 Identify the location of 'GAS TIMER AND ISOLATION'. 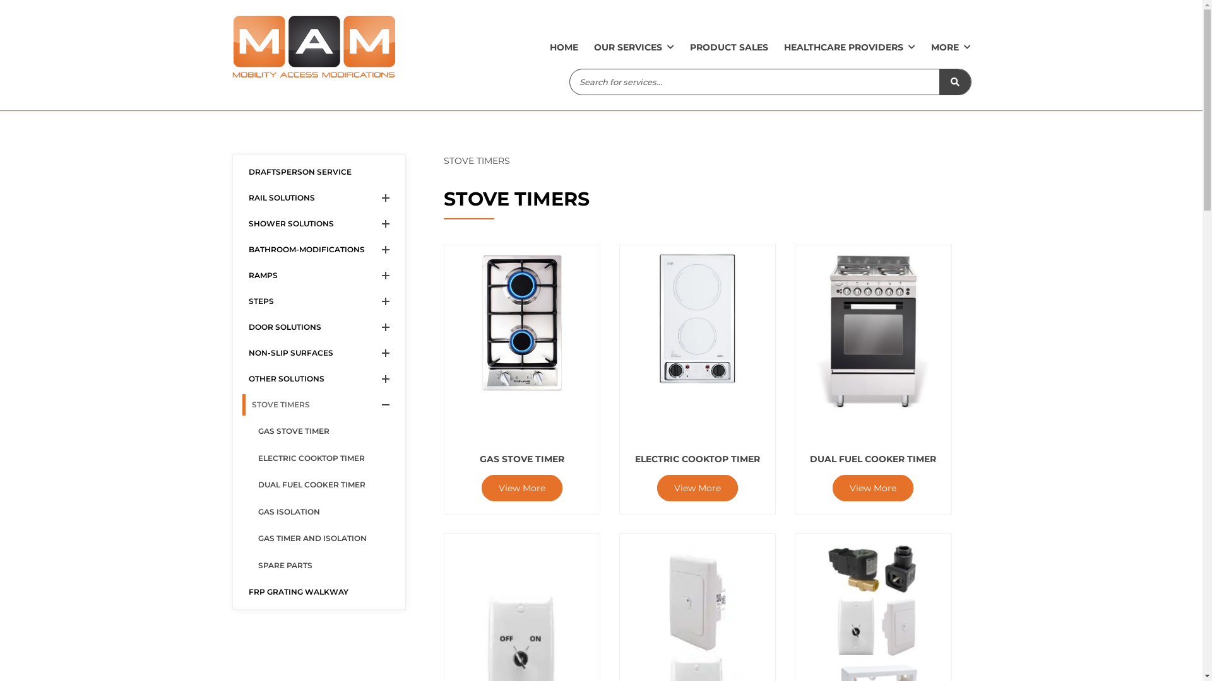
(323, 538).